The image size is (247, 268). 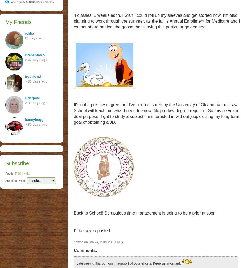 I want to click on 'Back to School! Scrupulous time management is going to be a priority soon.', so click(x=73, y=213).